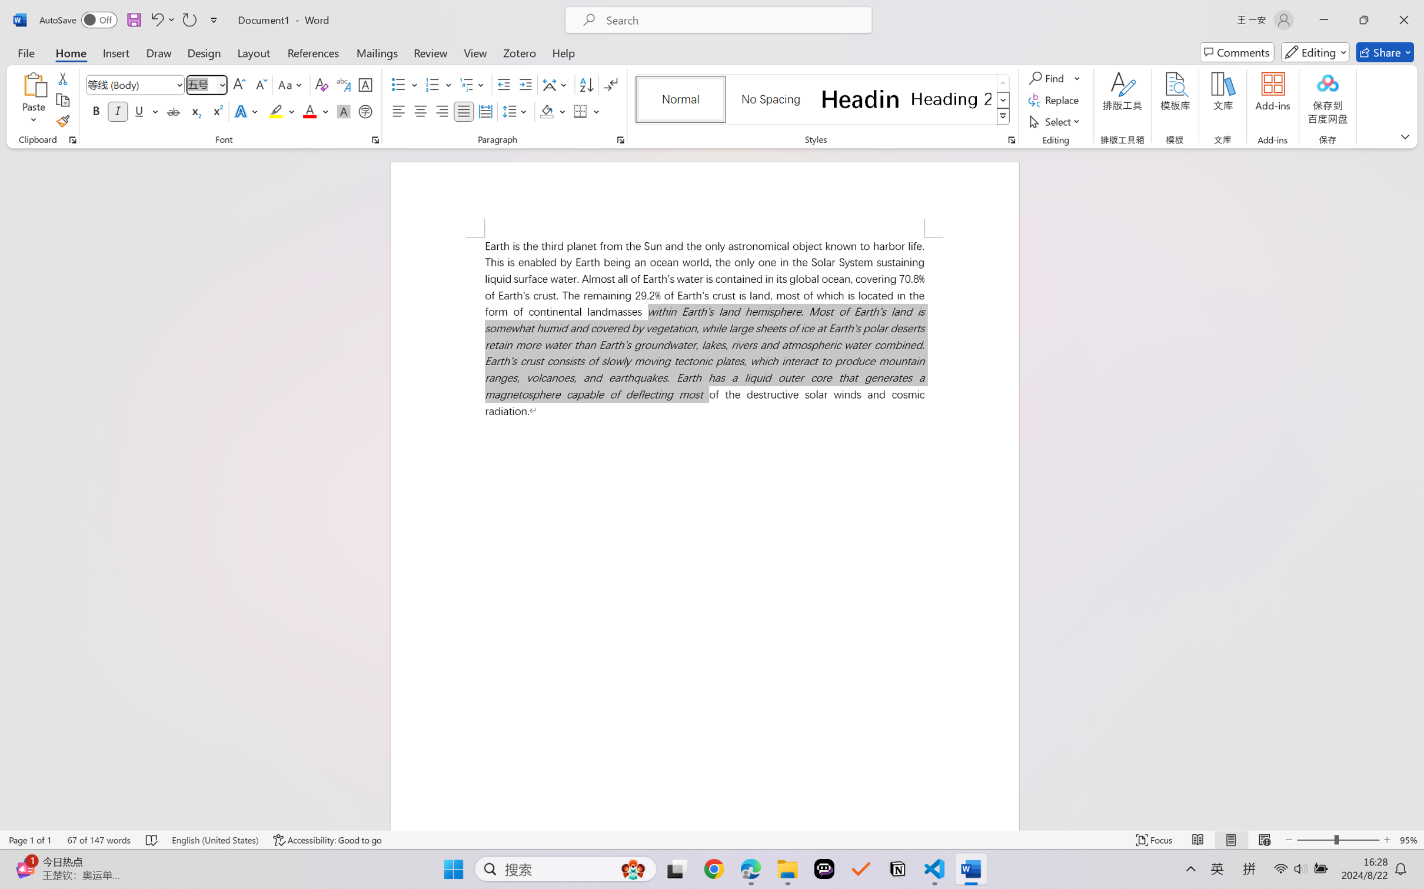 The image size is (1424, 889). Describe the element at coordinates (31, 840) in the screenshot. I see `'Page Number Page 1 of 1'` at that location.